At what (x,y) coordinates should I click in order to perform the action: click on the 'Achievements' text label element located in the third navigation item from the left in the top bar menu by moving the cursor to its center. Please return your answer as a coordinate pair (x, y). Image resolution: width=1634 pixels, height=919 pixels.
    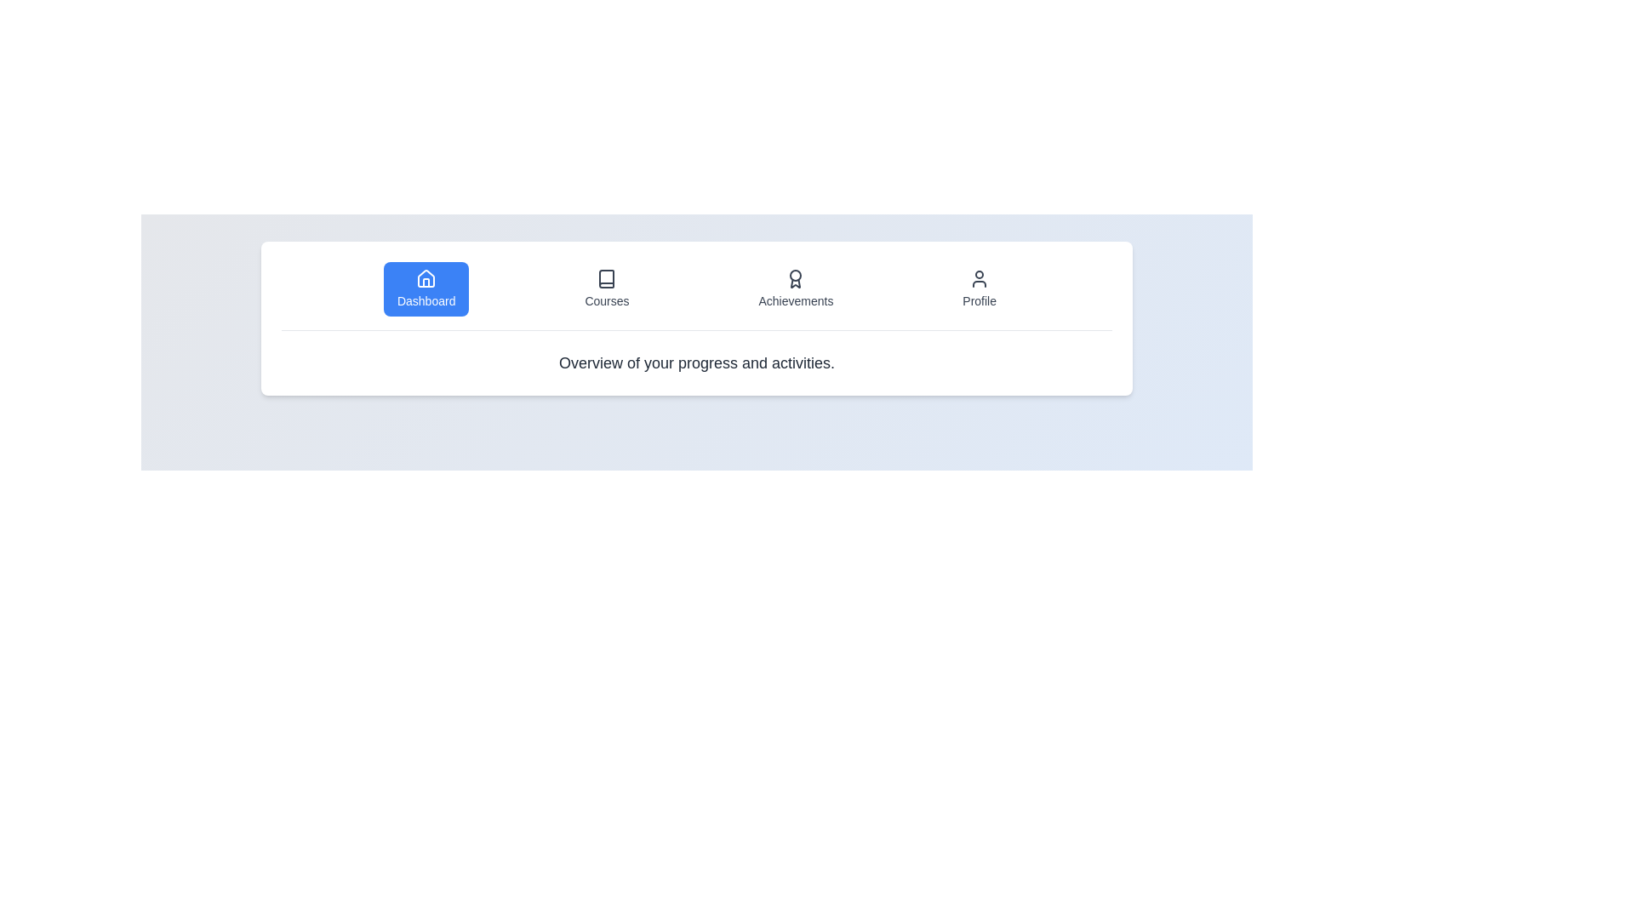
    Looking at the image, I should click on (795, 300).